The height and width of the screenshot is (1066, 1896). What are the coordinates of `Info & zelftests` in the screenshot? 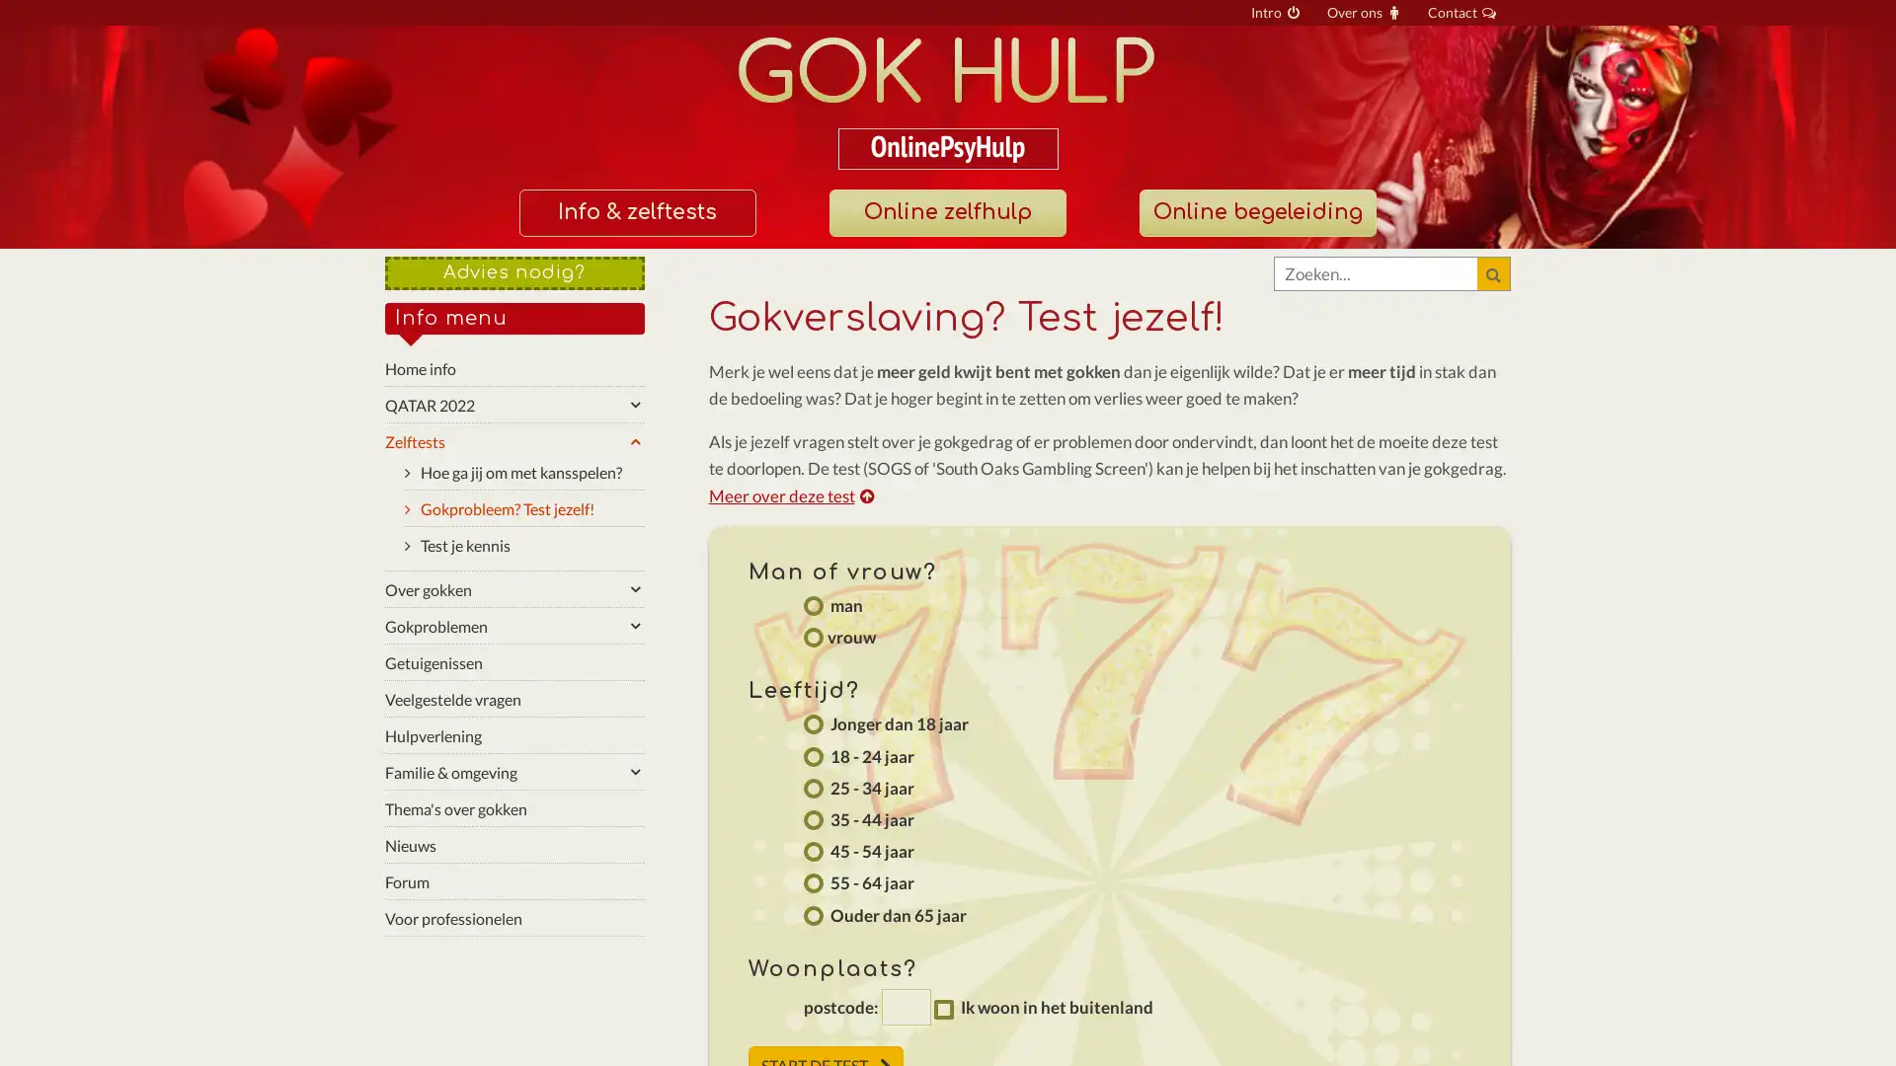 It's located at (636, 212).